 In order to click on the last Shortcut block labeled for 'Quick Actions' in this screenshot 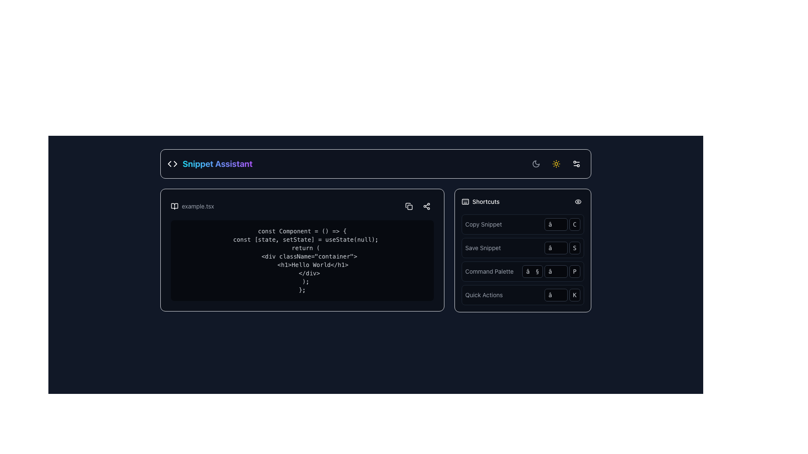, I will do `click(522, 295)`.